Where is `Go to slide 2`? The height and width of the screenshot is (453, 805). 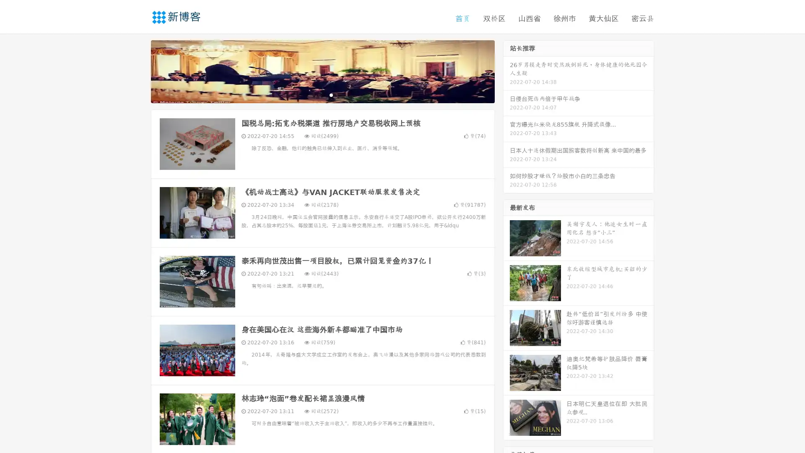
Go to slide 2 is located at coordinates (322, 94).